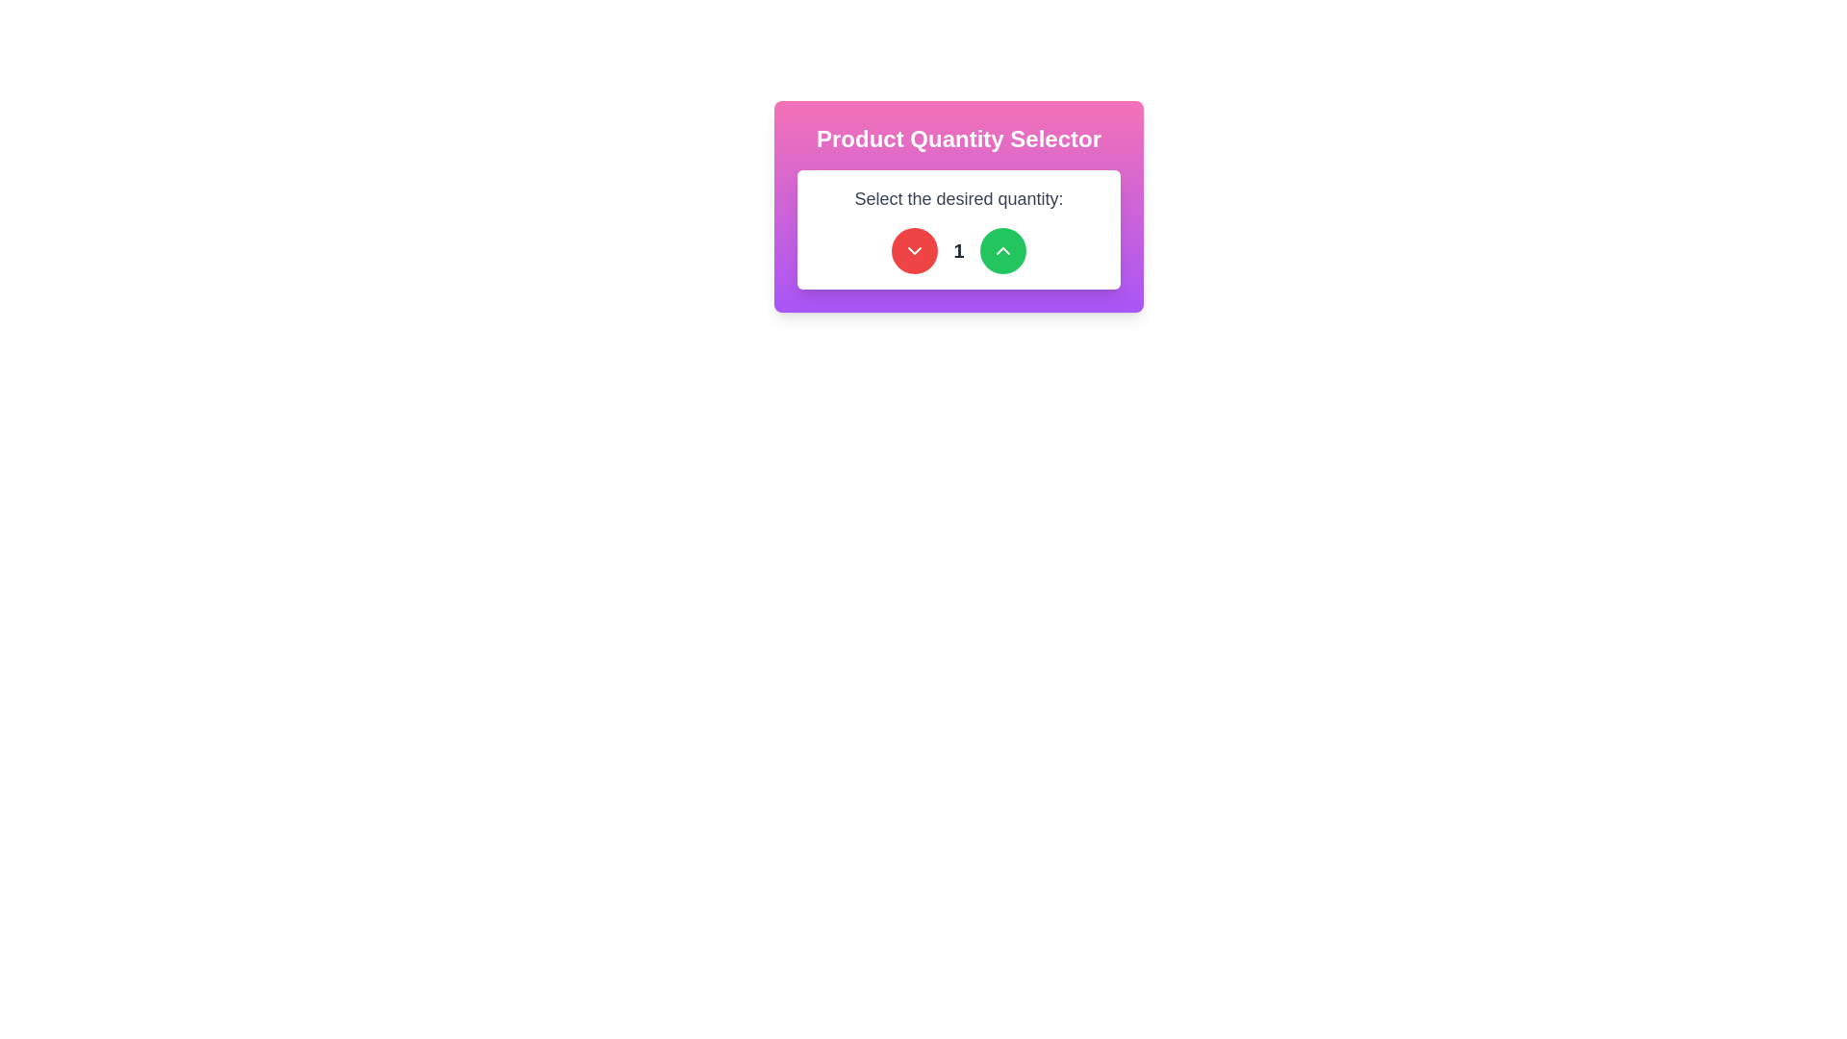  I want to click on the green circular button located at the far right of the layout to increment the numerical value displayed to its left, so click(1001, 250).